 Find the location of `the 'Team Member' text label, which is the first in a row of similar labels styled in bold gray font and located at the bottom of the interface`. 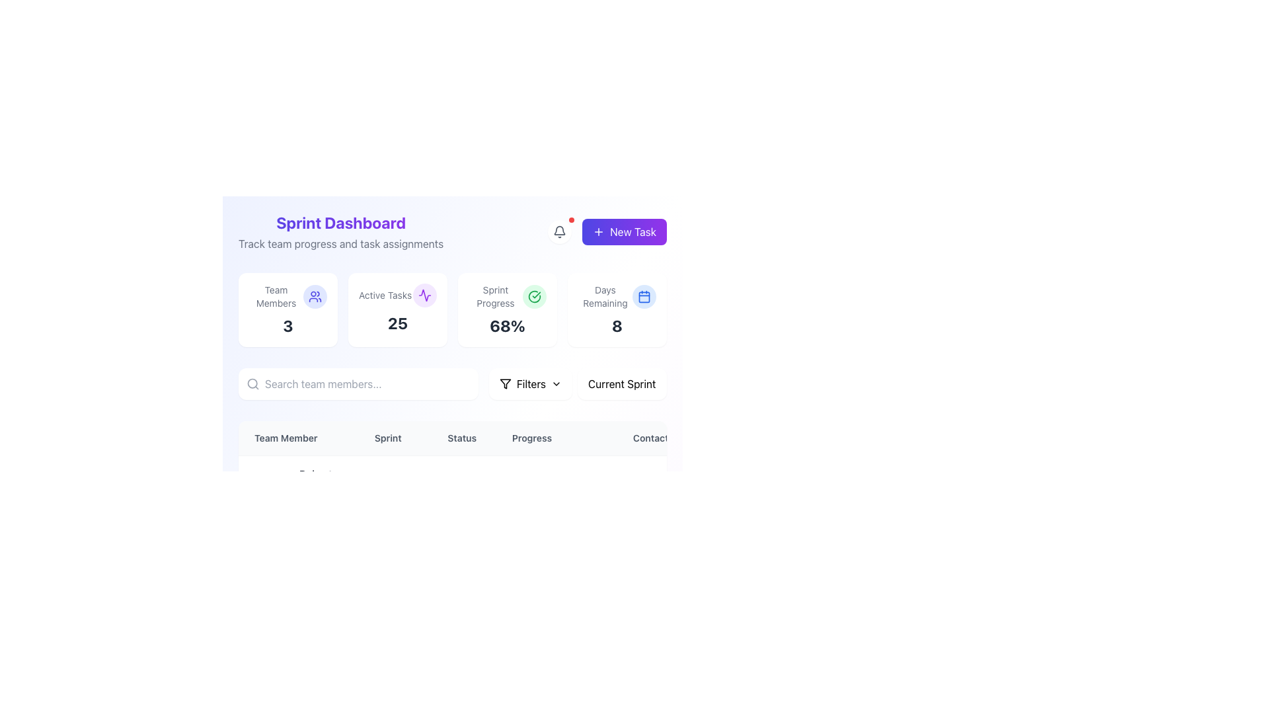

the 'Team Member' text label, which is the first in a row of similar labels styled in bold gray font and located at the bottom of the interface is located at coordinates (297, 438).